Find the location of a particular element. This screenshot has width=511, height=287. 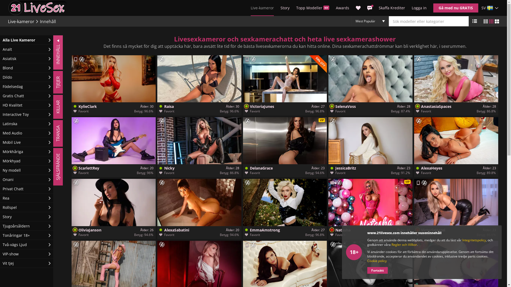

'Vit tjej' is located at coordinates (26, 263).